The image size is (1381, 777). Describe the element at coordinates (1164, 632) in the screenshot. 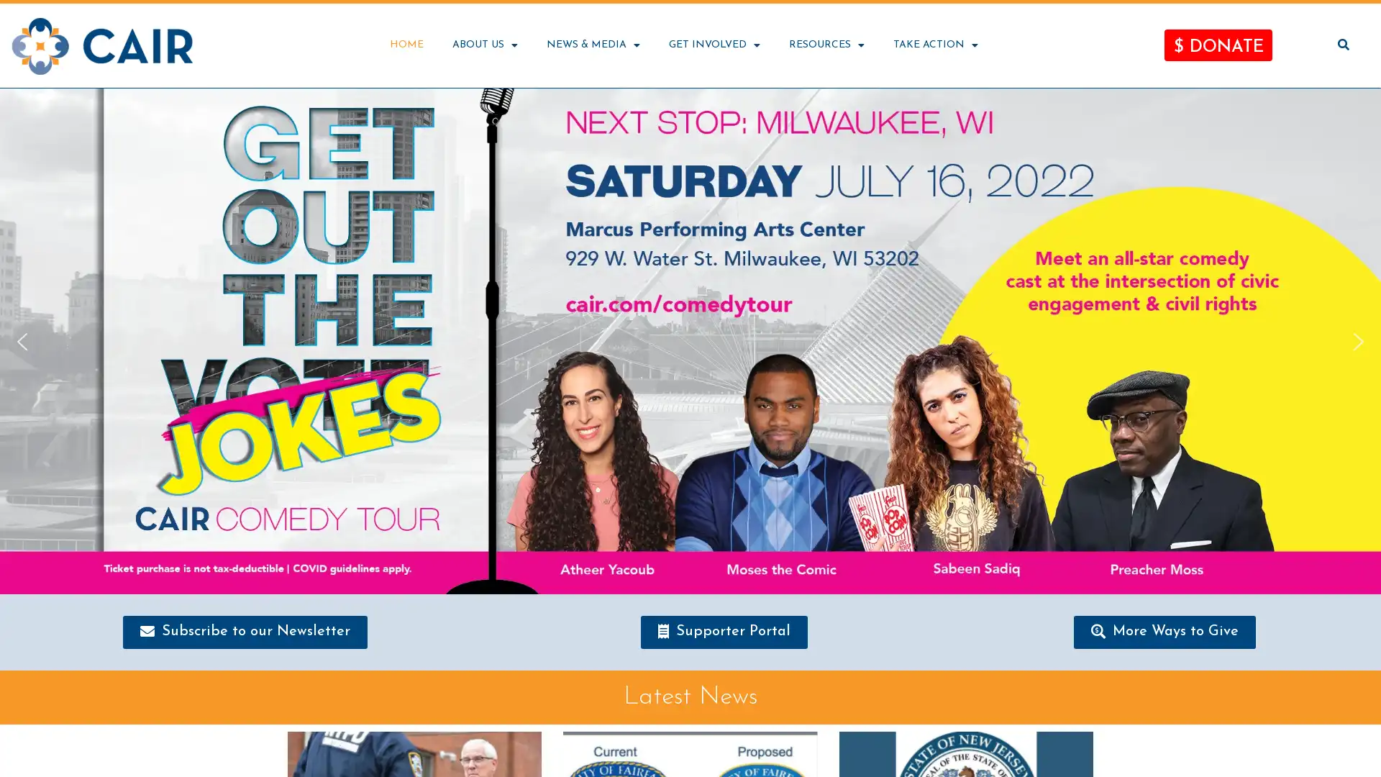

I see `More Ways to Give` at that location.